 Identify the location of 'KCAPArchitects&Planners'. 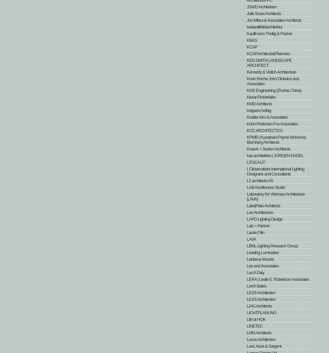
(246, 53).